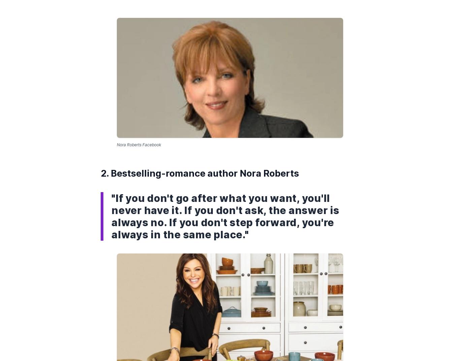  What do you see at coordinates (277, 121) in the screenshot?
I see `'Contact Support'` at bounding box center [277, 121].